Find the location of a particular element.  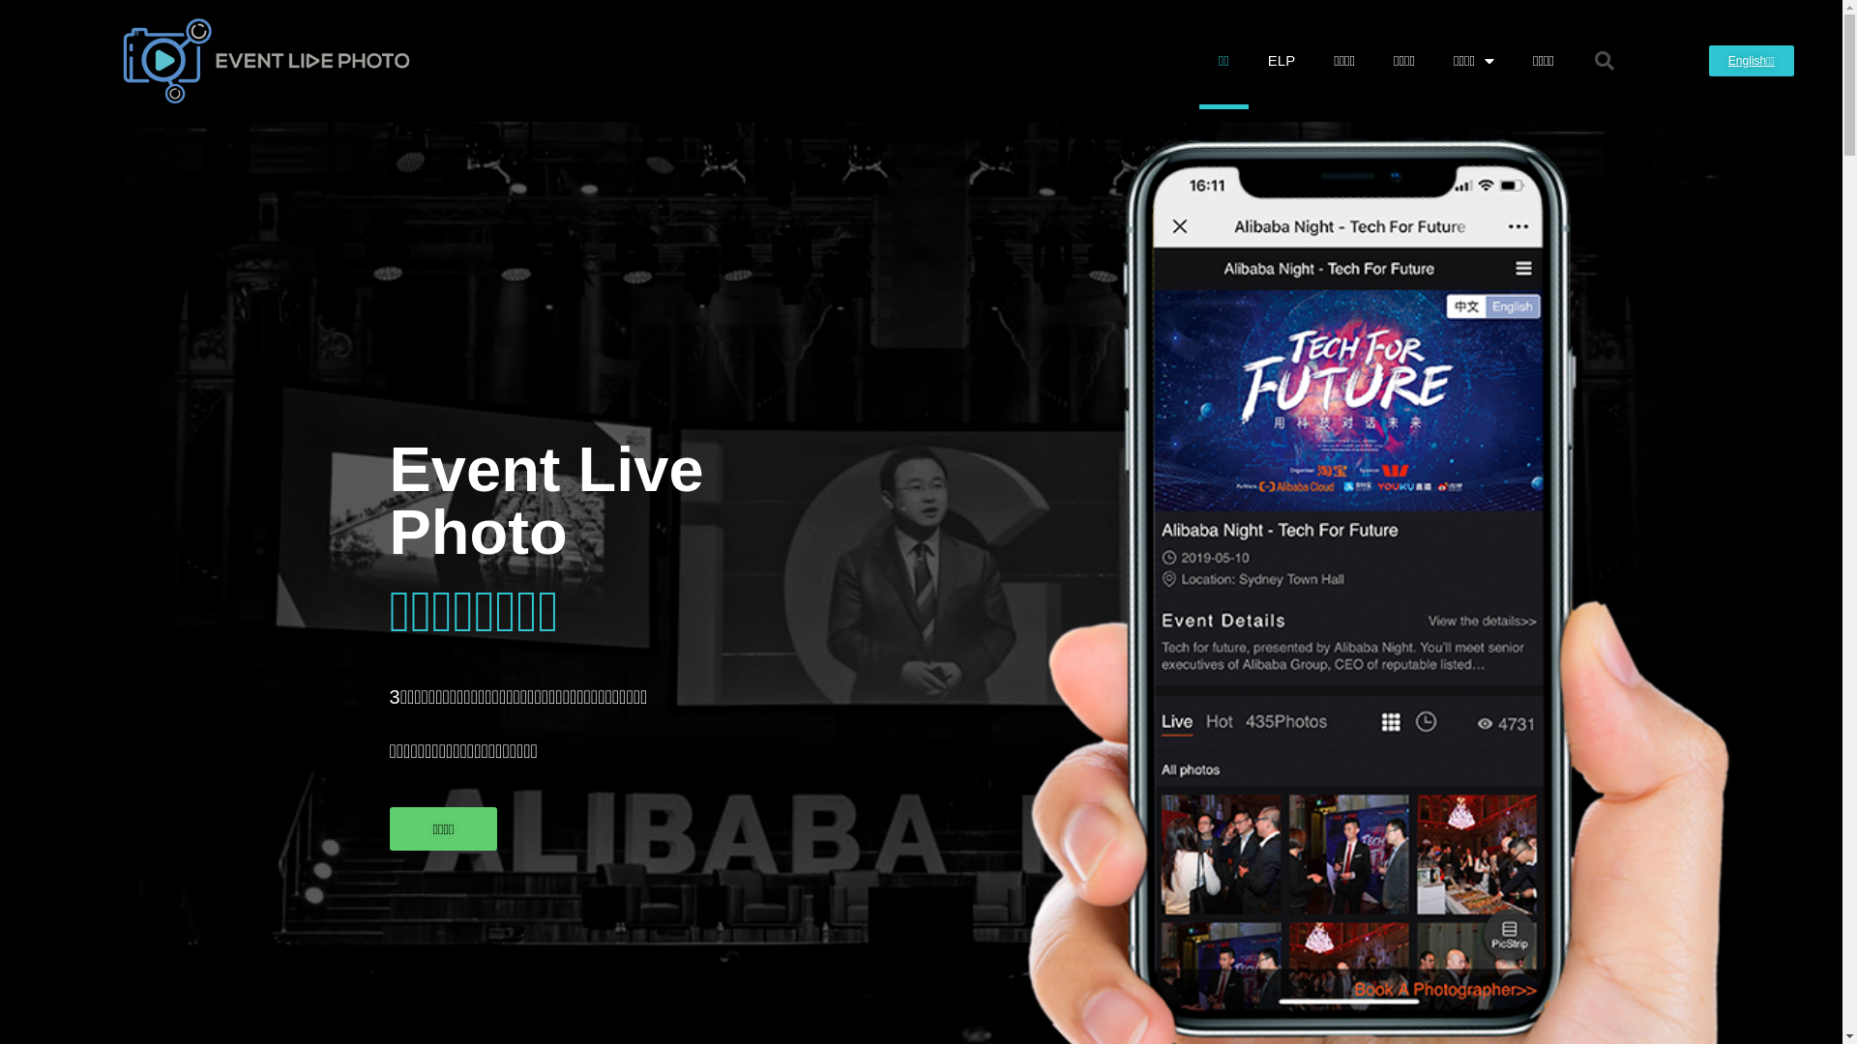

'ELP' is located at coordinates (1281, 59).